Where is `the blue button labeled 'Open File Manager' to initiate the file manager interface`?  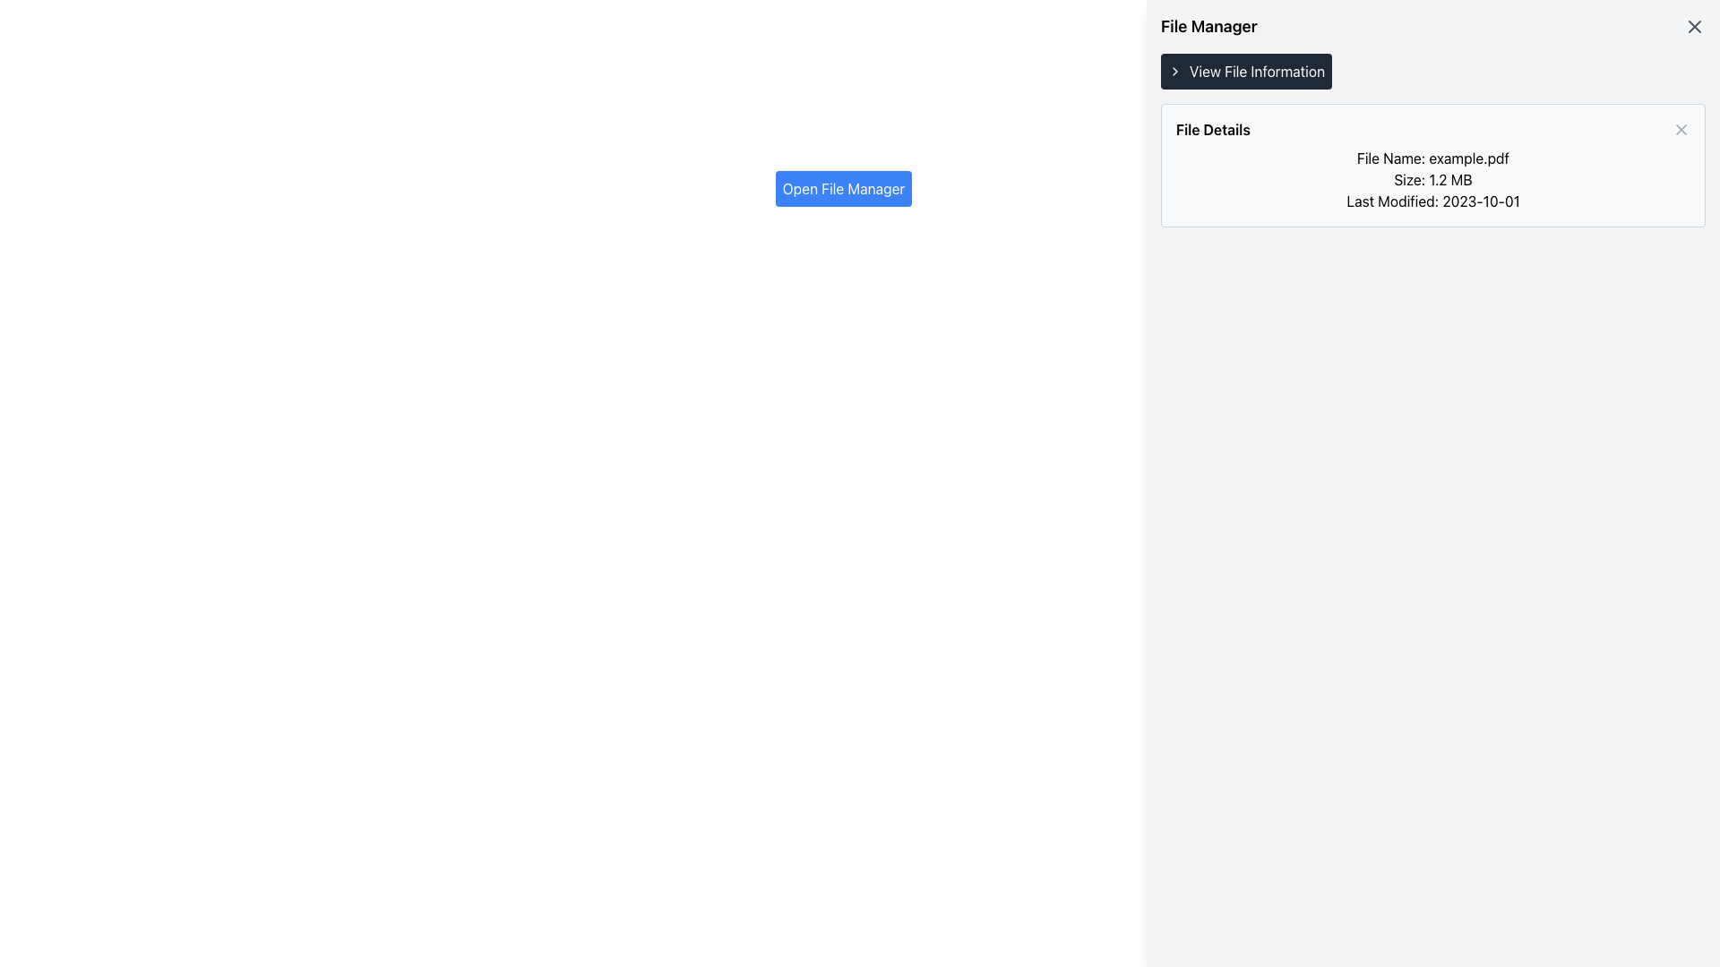
the blue button labeled 'Open File Manager' to initiate the file manager interface is located at coordinates (842, 189).